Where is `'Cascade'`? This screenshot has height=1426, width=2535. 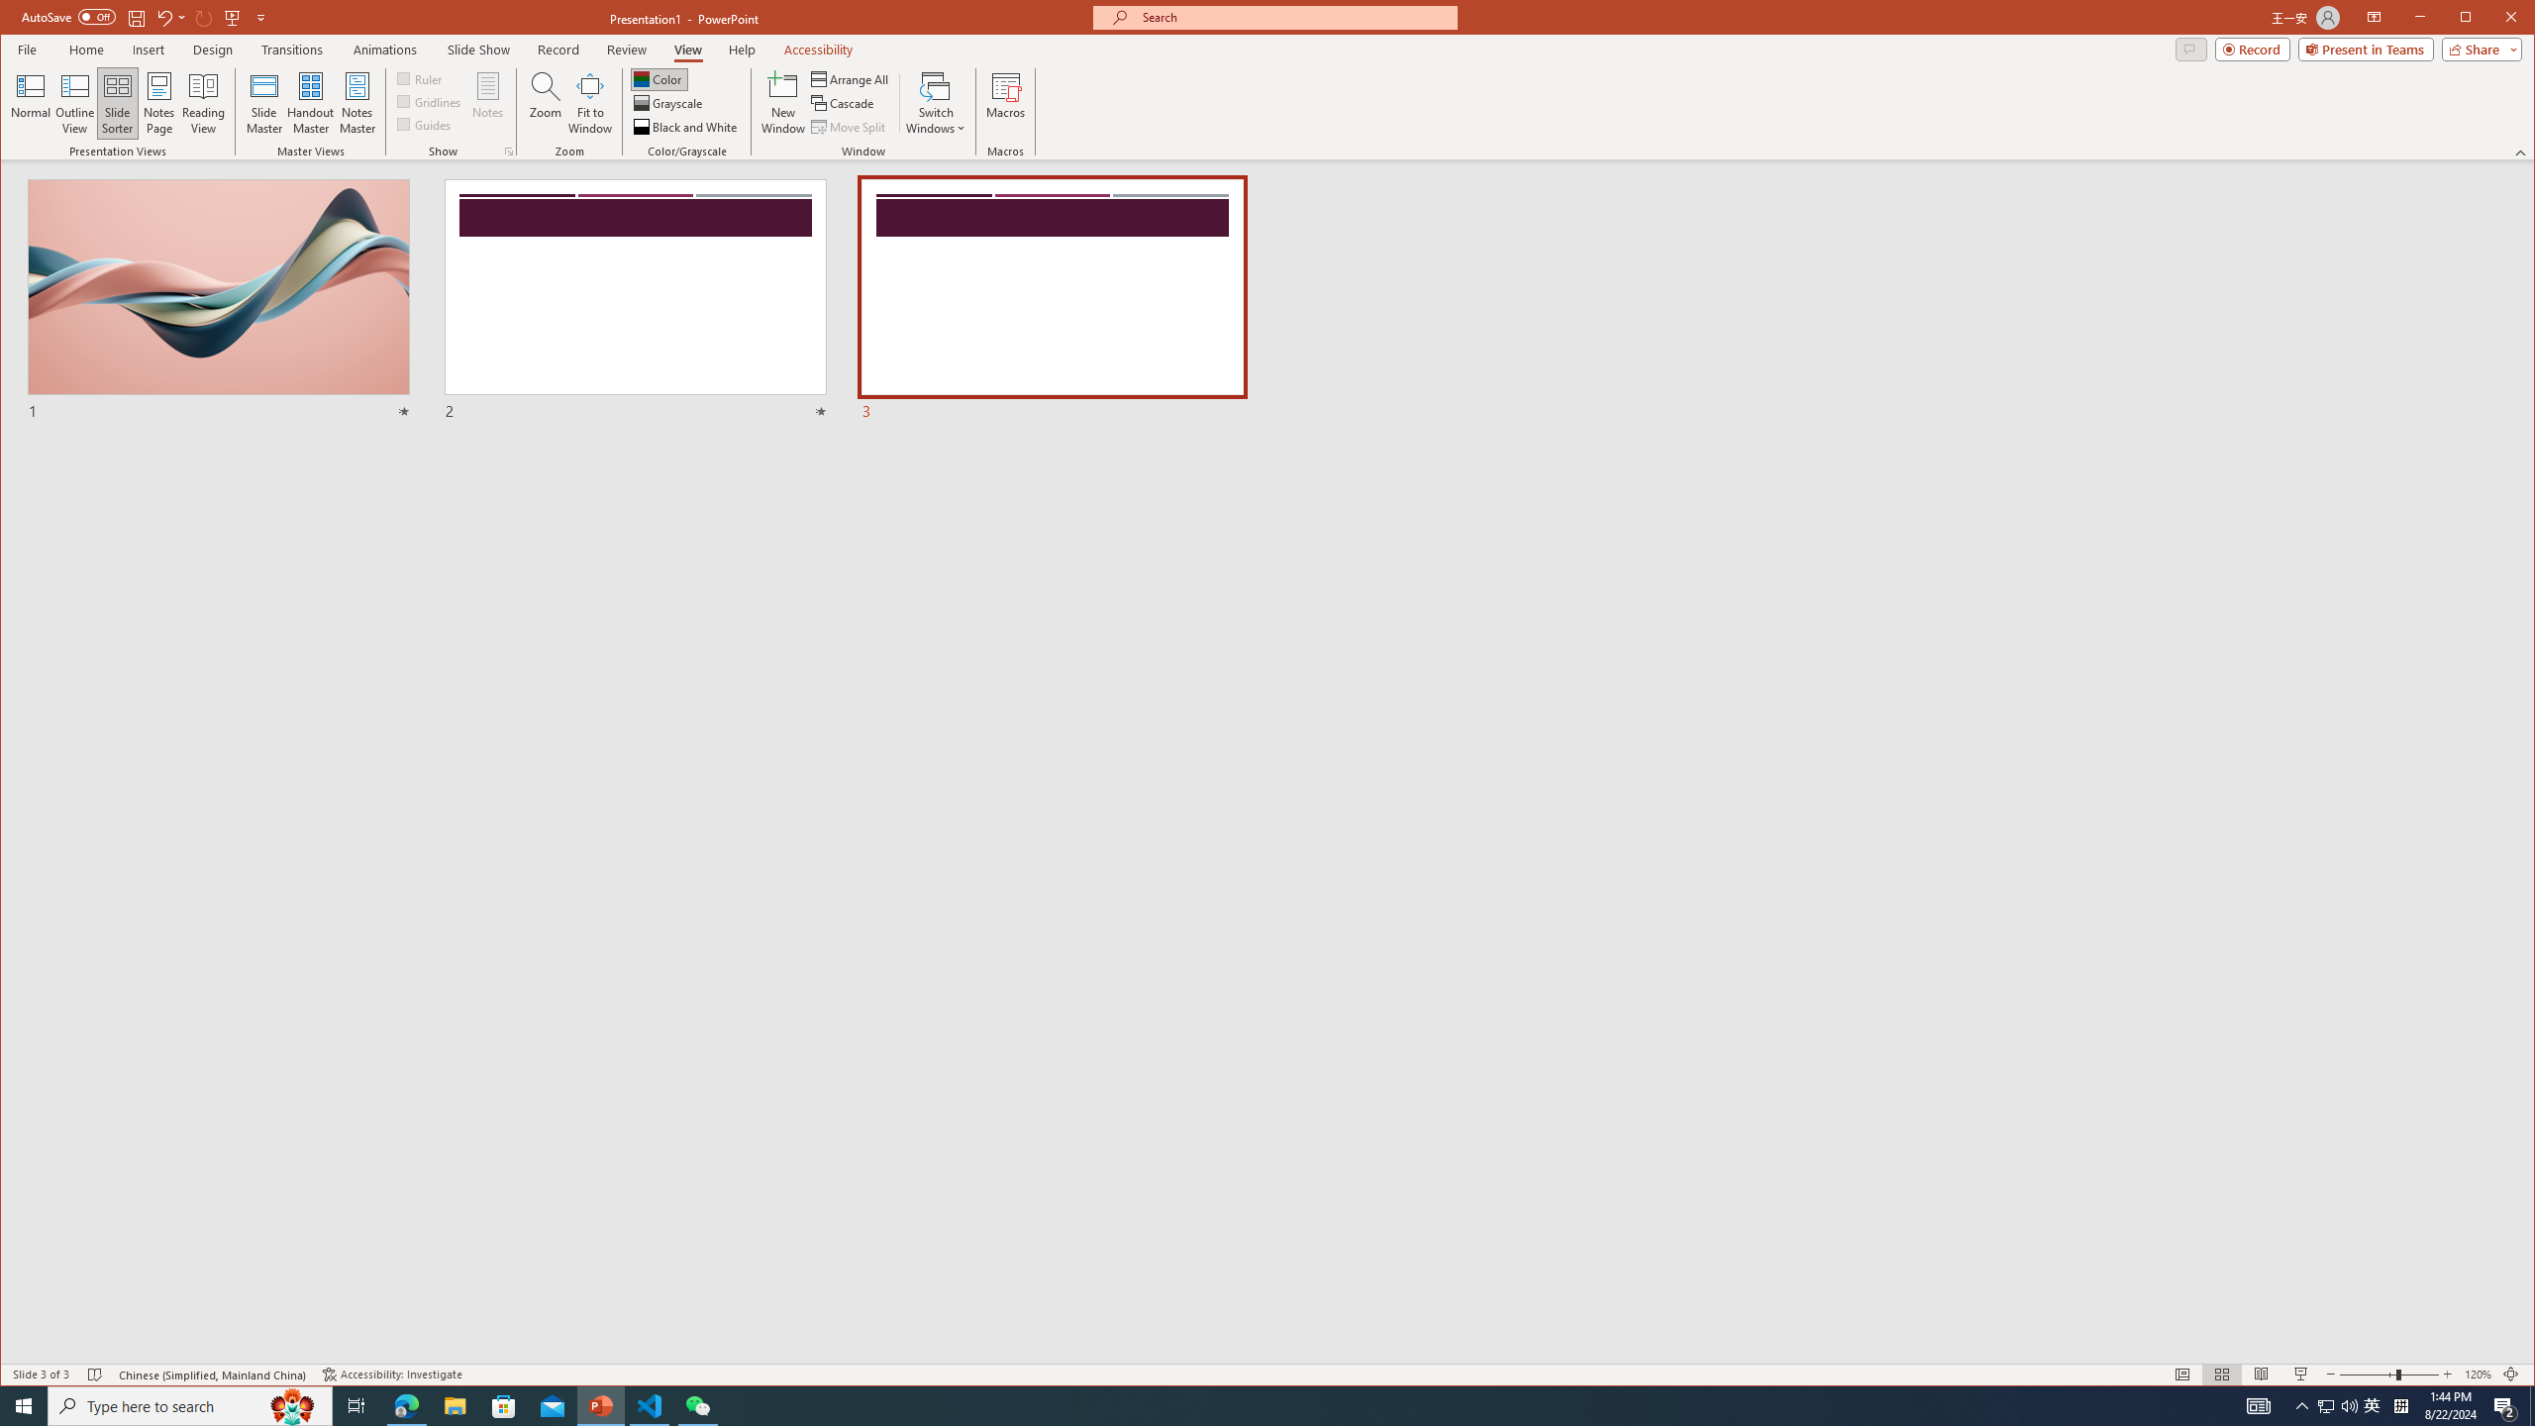
'Cascade' is located at coordinates (843, 103).